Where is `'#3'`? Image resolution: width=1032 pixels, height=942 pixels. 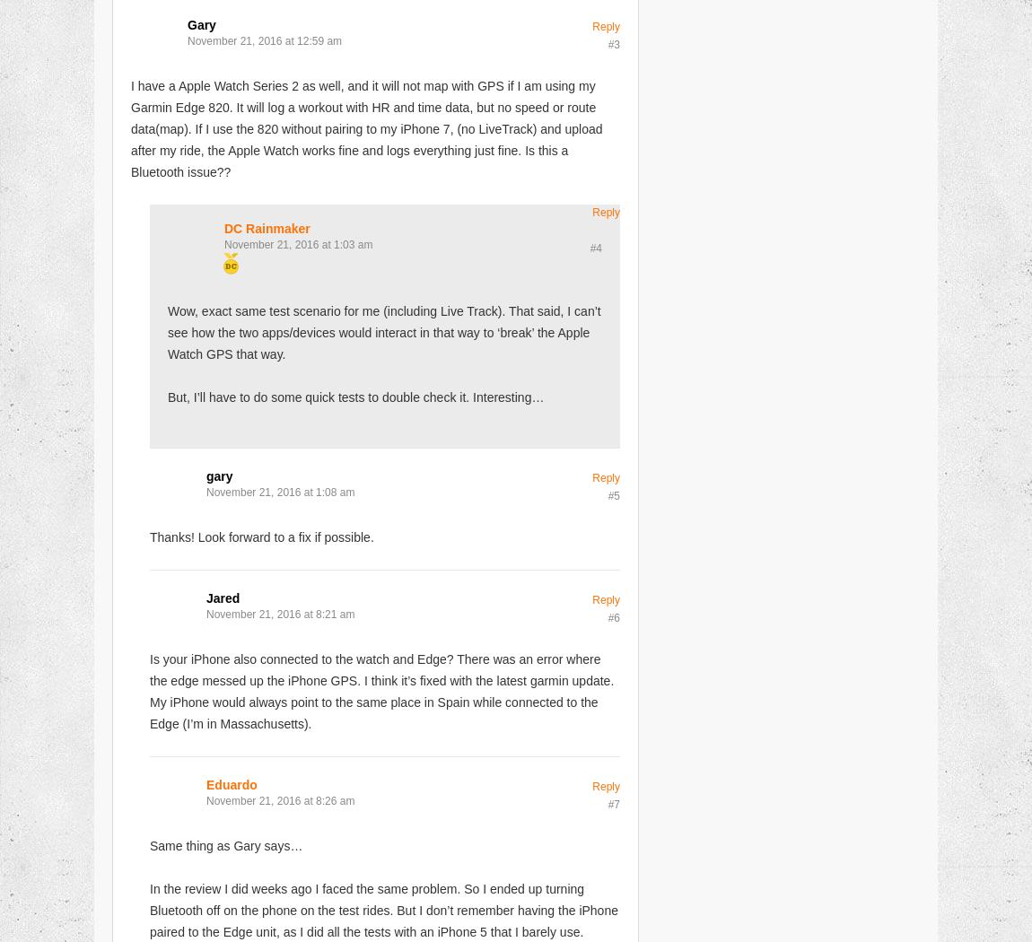 '#3' is located at coordinates (607, 43).